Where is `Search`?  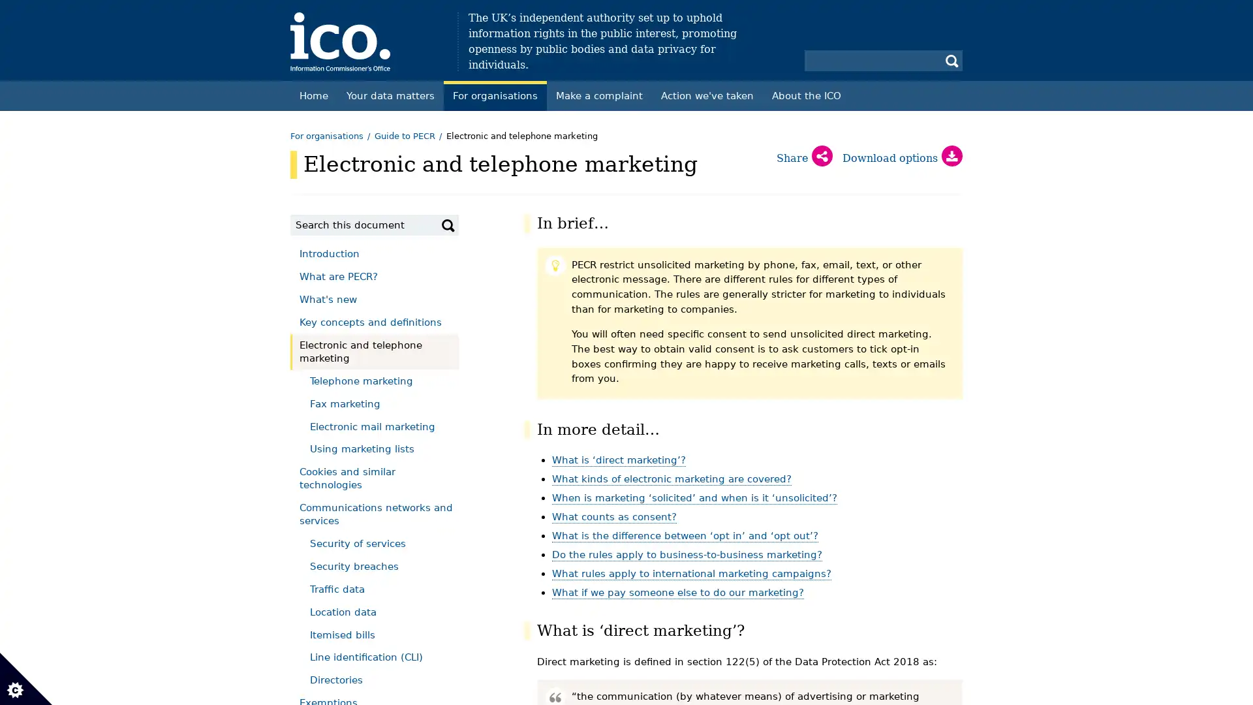 Search is located at coordinates (448, 224).